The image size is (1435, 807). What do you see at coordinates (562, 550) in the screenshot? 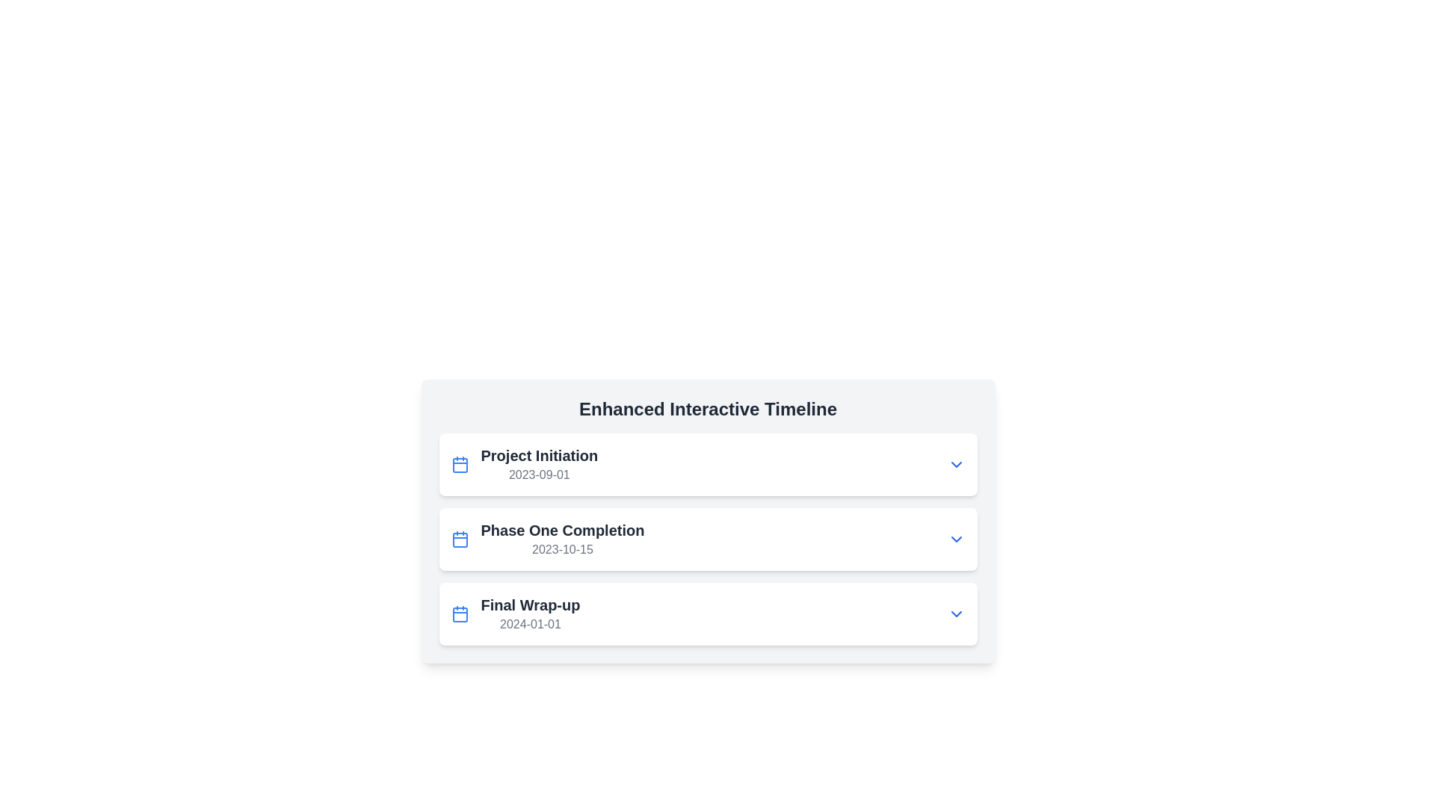
I see `the text display showing '2023-10-15' which is located beneath the header 'Phase One Completion' in the middle card of the interface` at bounding box center [562, 550].